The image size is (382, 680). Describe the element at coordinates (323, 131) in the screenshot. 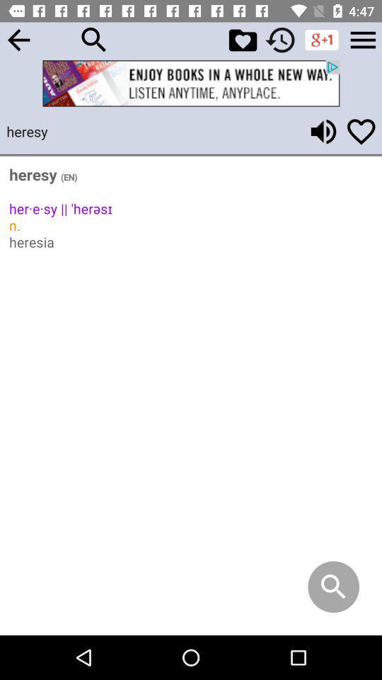

I see `the volume icon` at that location.